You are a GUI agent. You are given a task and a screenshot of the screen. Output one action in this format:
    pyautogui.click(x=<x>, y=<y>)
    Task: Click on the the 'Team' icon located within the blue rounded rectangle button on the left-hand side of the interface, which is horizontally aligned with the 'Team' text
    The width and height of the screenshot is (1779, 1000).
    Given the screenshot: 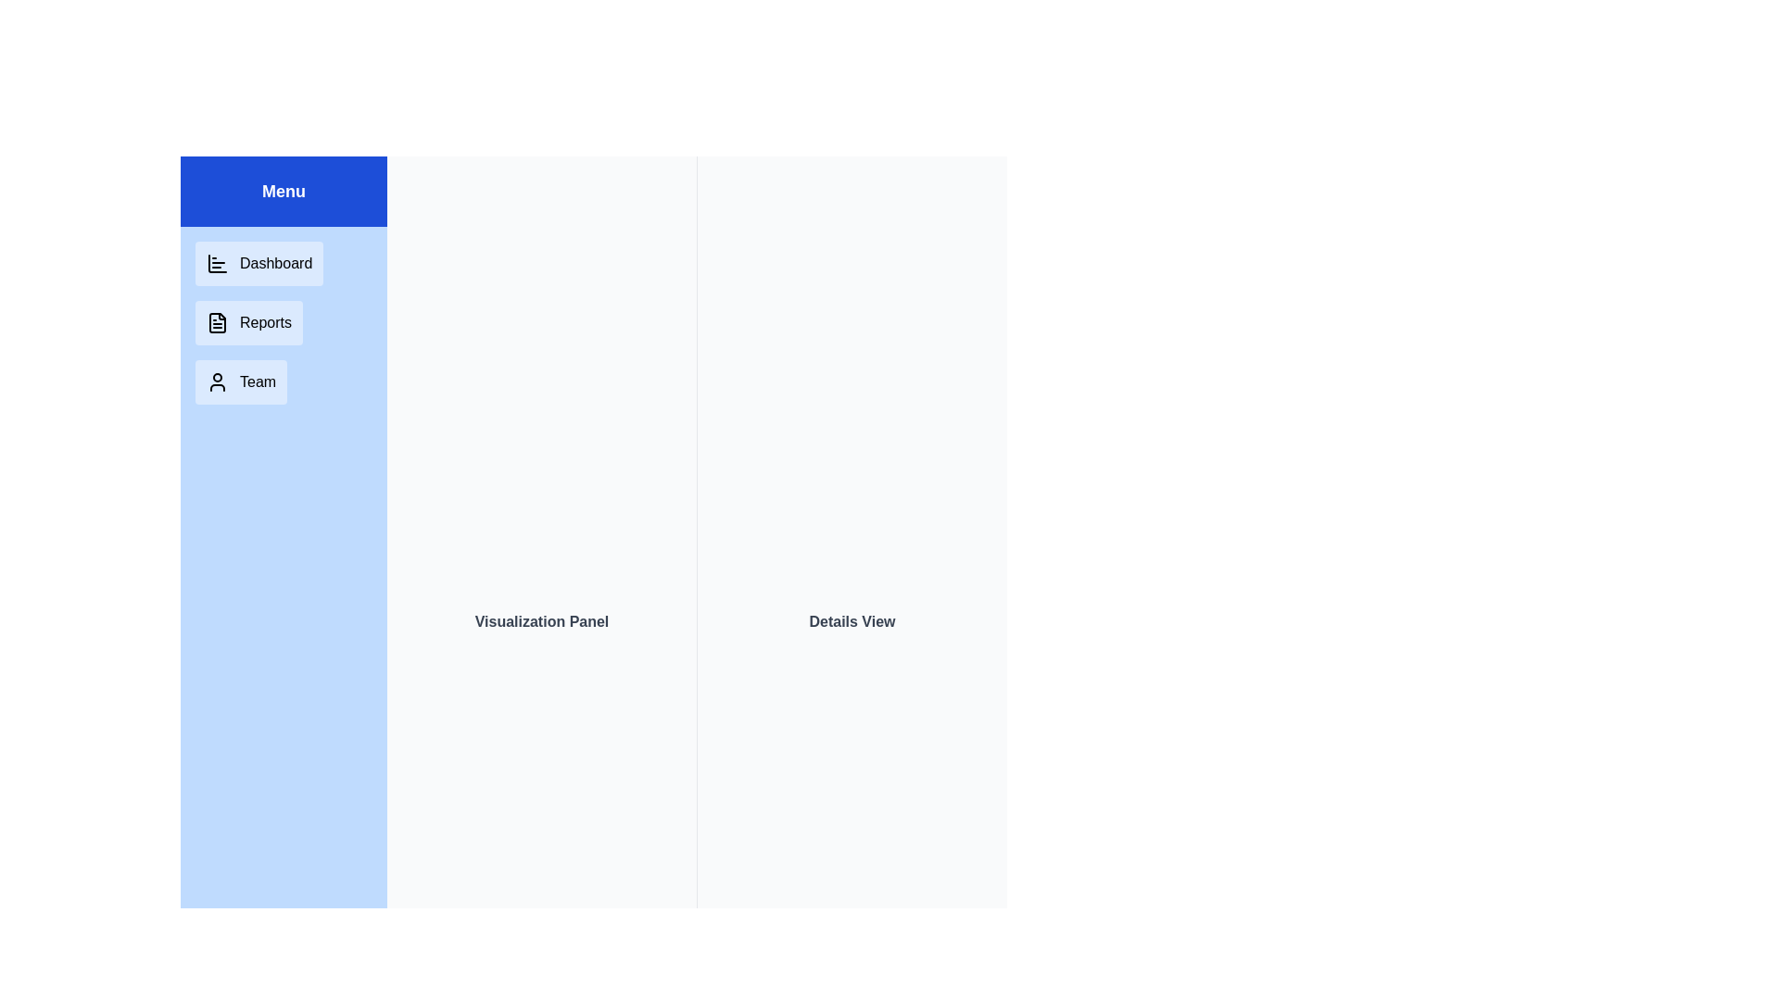 What is the action you would take?
    pyautogui.click(x=218, y=381)
    